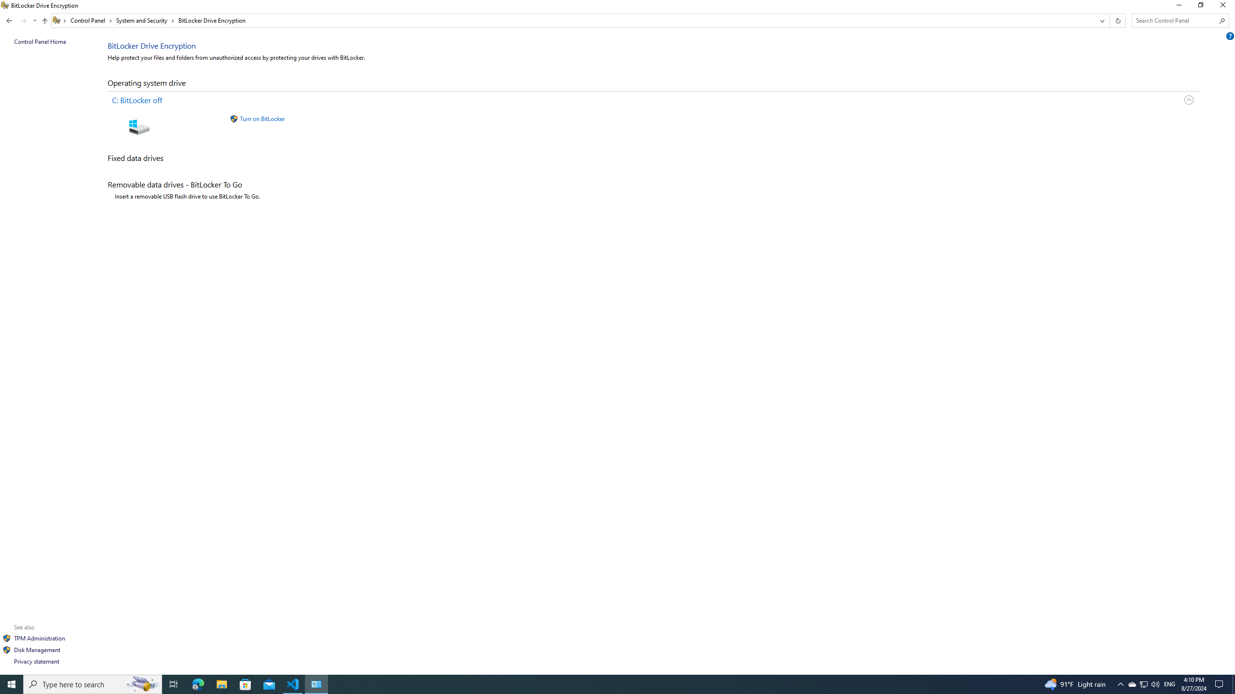  I want to click on 'Type here to search', so click(12, 683).